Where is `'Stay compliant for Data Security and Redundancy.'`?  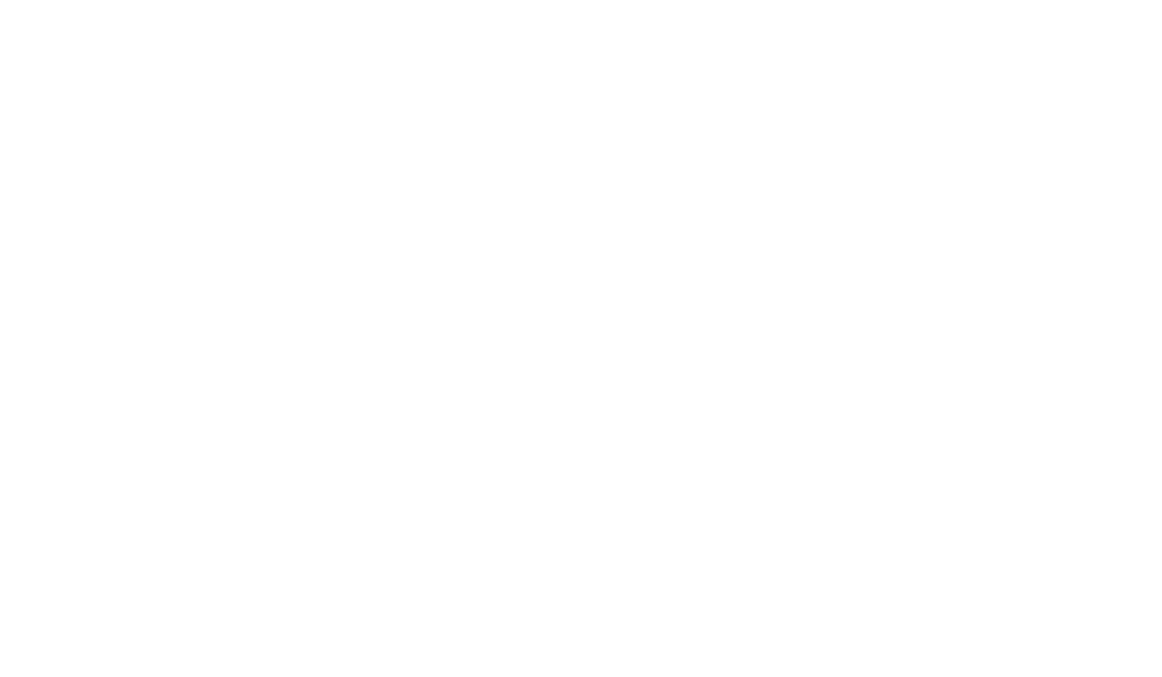 'Stay compliant for Data Security and Redundancy.' is located at coordinates (267, 322).